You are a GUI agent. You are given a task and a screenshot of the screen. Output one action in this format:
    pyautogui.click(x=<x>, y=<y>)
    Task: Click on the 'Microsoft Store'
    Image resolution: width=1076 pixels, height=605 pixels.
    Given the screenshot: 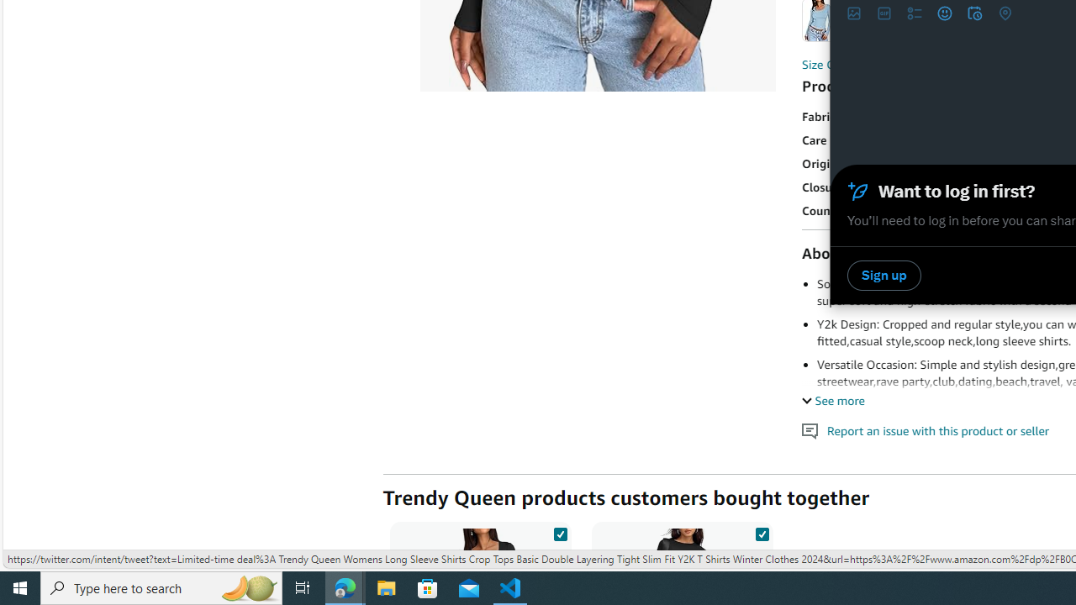 What is the action you would take?
    pyautogui.click(x=428, y=587)
    